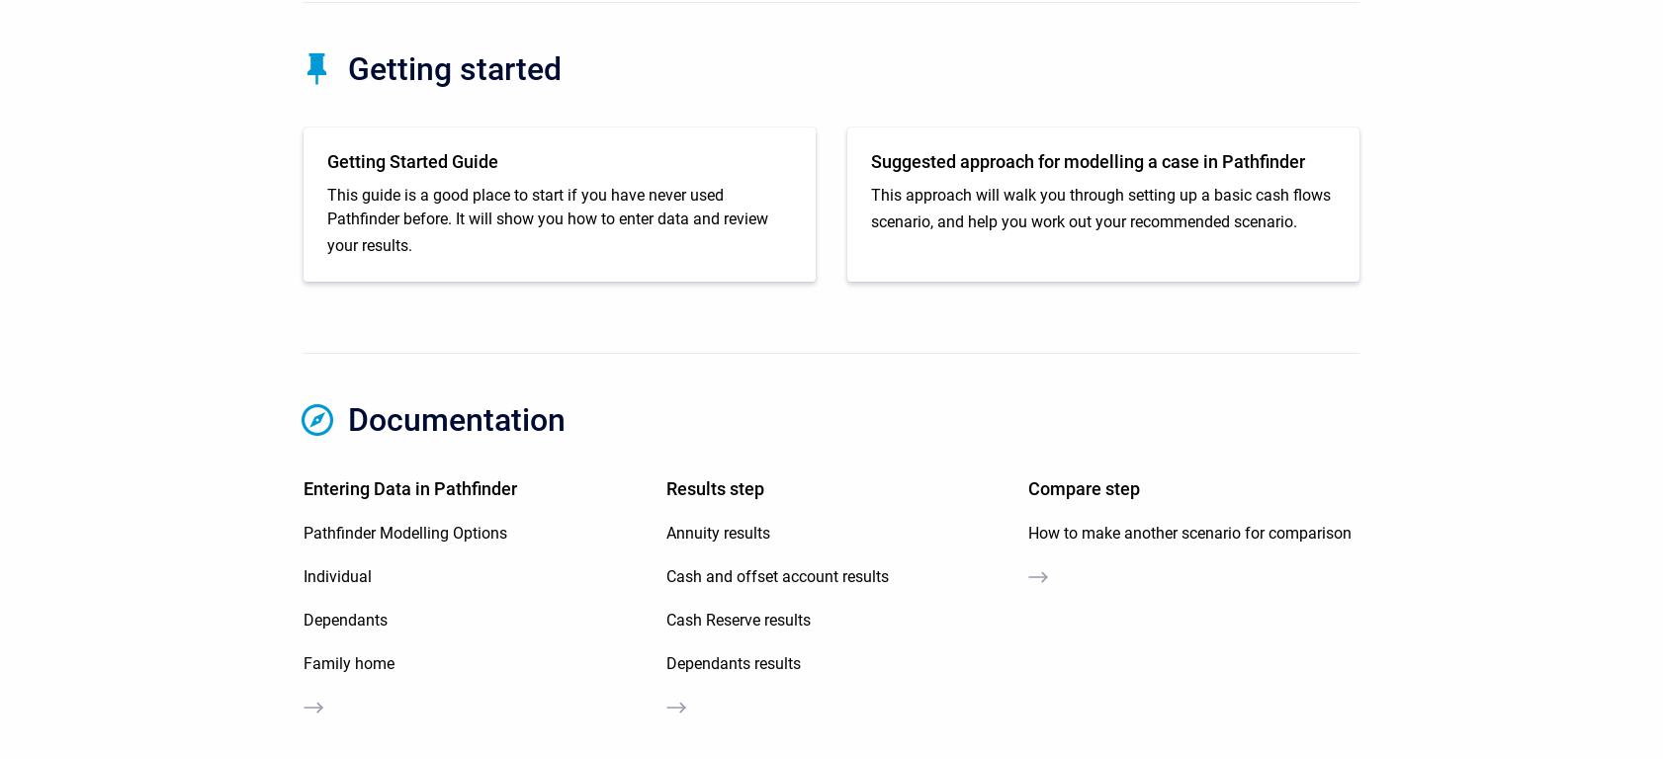  Describe the element at coordinates (455, 66) in the screenshot. I see `'Getting started'` at that location.